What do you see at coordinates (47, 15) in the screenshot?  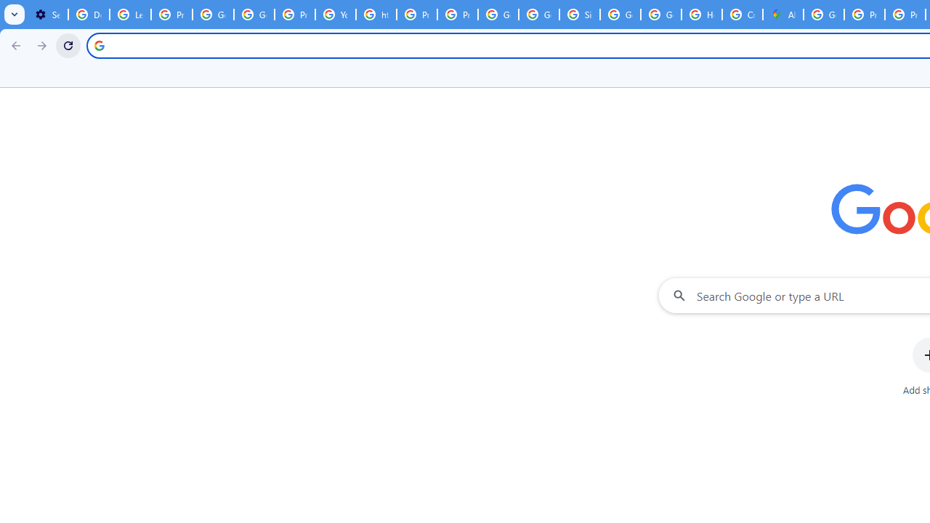 I see `'Settings - On startup'` at bounding box center [47, 15].